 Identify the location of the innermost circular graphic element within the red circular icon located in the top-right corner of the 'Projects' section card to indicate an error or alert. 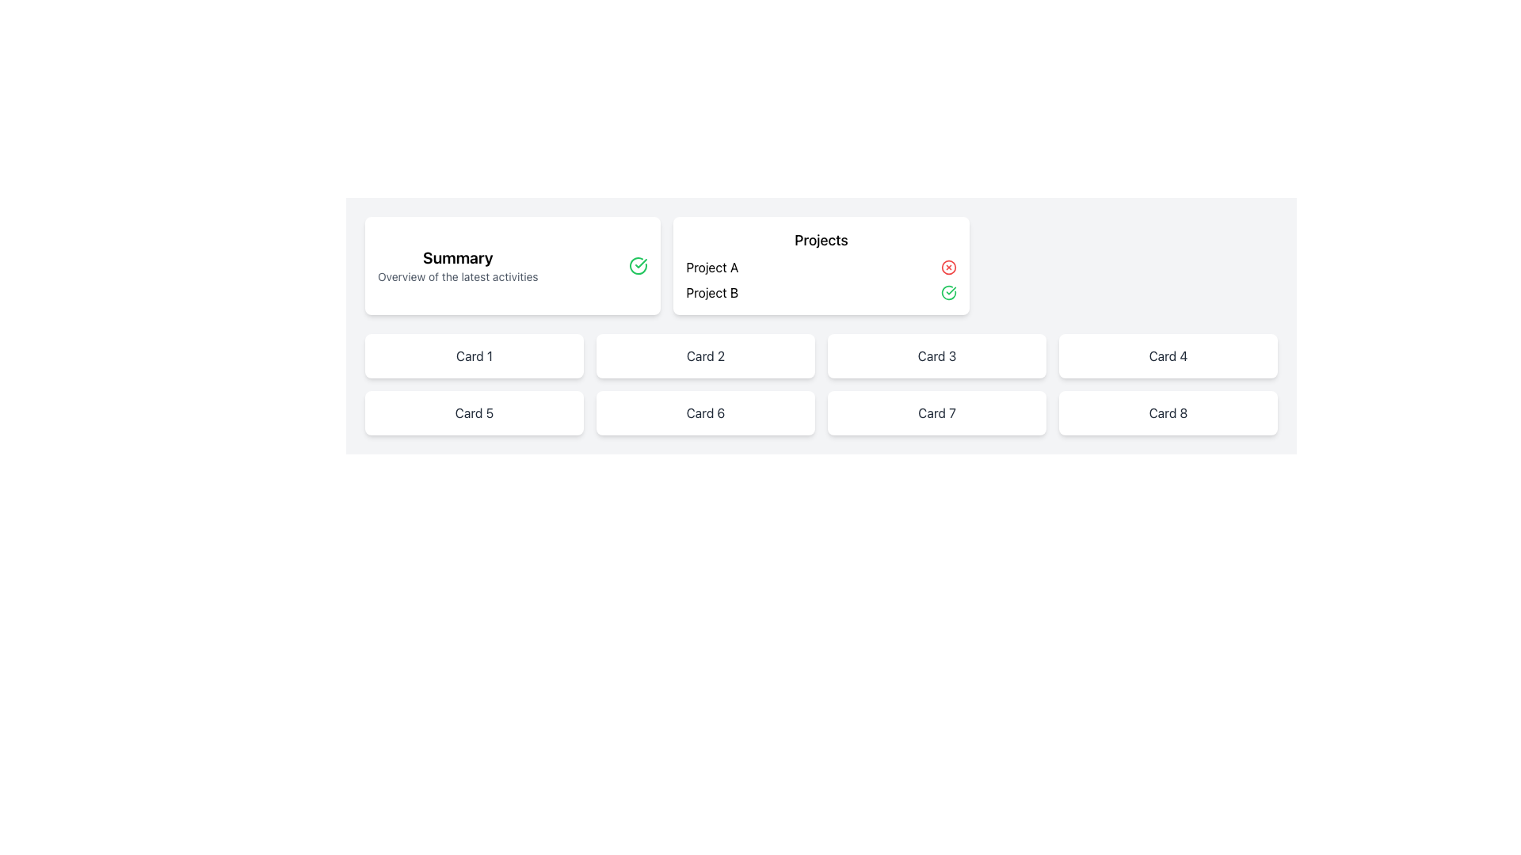
(948, 267).